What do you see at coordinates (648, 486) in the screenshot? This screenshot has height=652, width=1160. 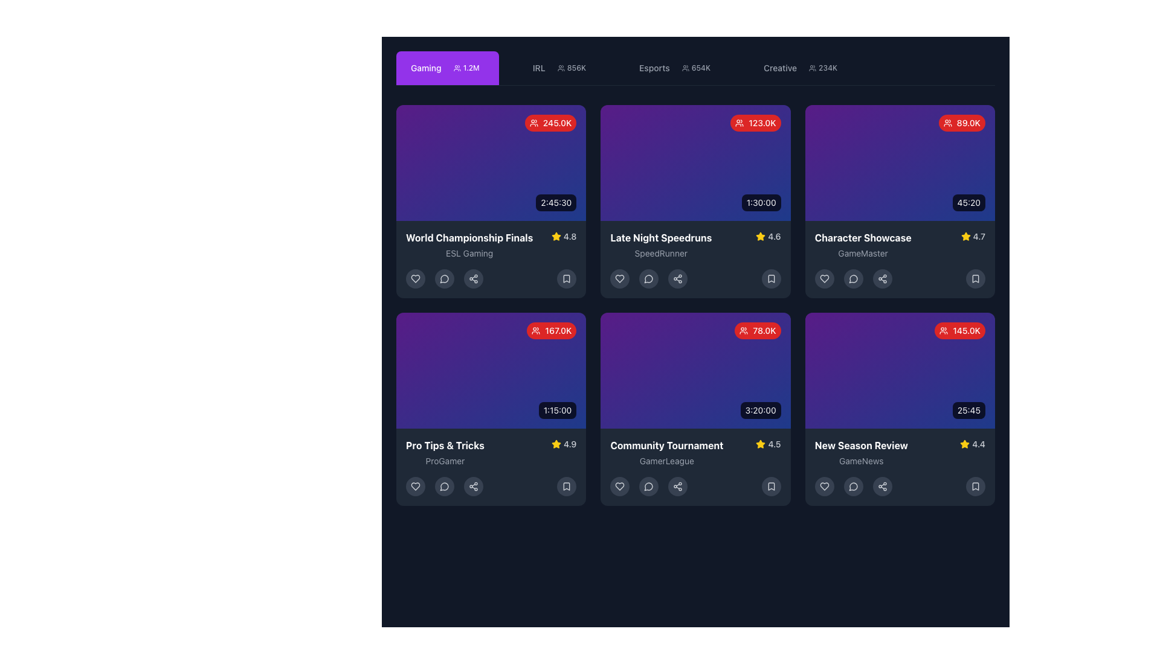 I see `the circular button with a white speech bubble icon that is the second in a row of three buttons below the 'Community Tournament' card` at bounding box center [648, 486].